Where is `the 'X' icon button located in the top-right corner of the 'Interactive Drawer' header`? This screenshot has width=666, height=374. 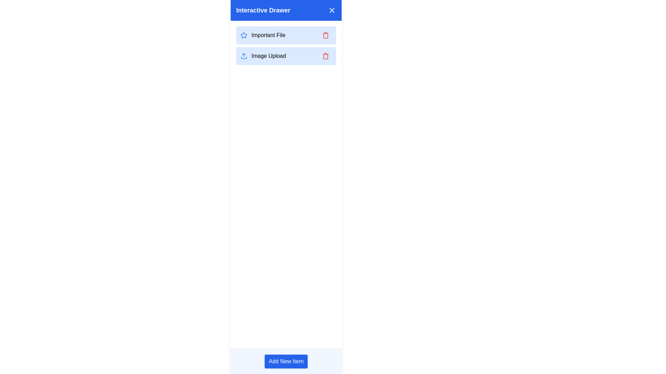 the 'X' icon button located in the top-right corner of the 'Interactive Drawer' header is located at coordinates (331, 10).